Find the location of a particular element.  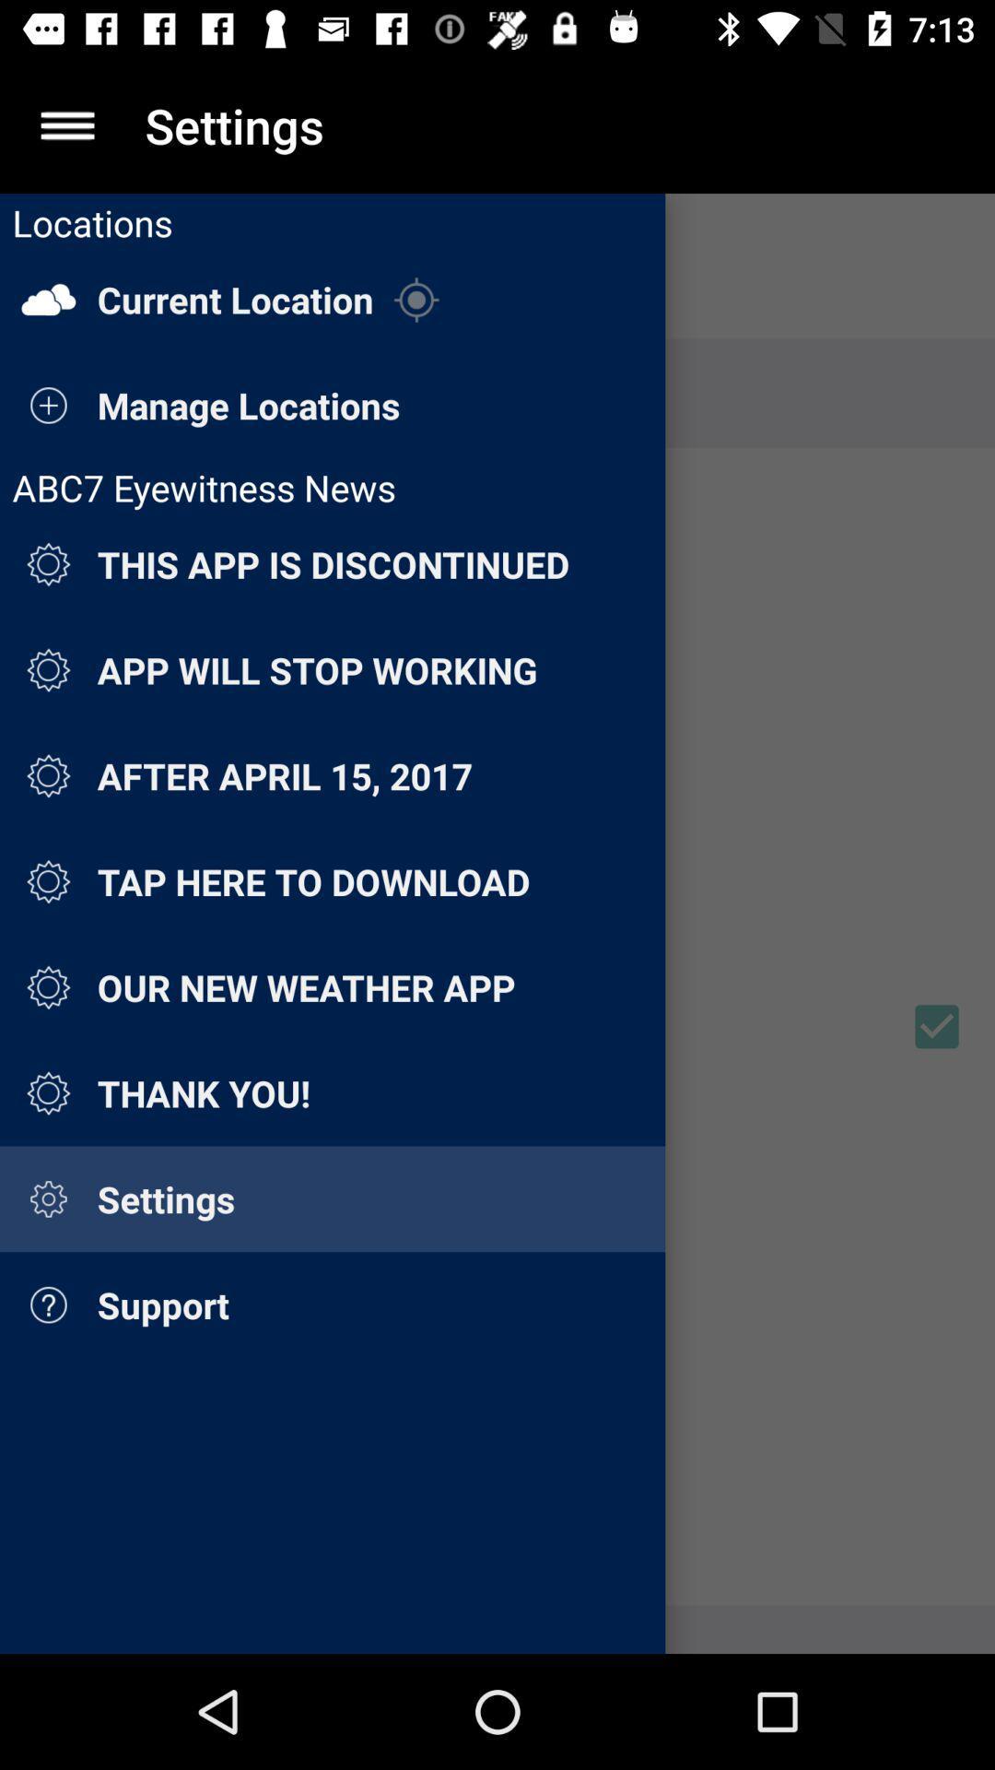

the menu icon is located at coordinates (66, 124).